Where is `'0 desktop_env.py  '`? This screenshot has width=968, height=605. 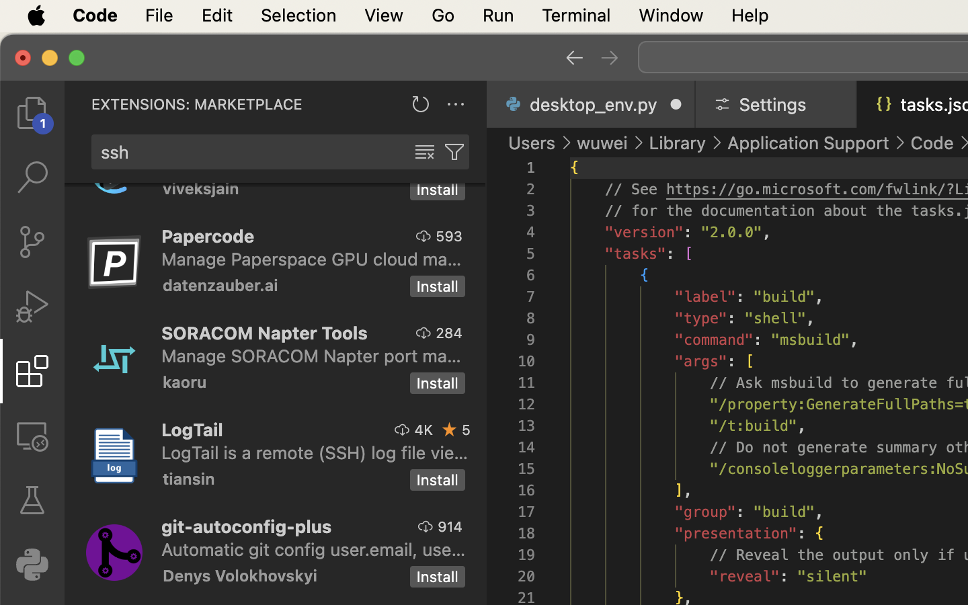 '0 desktop_env.py  ' is located at coordinates (590, 104).